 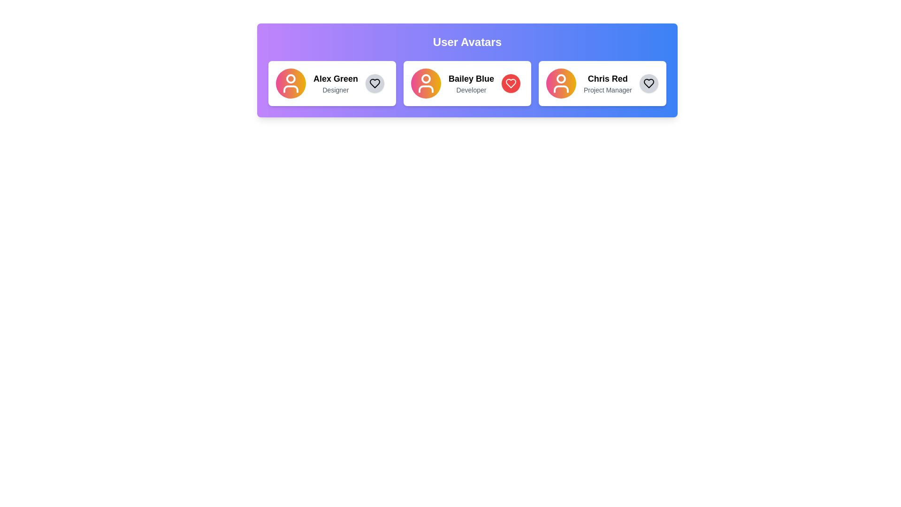 What do you see at coordinates (290, 83) in the screenshot?
I see `the circular profile icon with a gradient background that features a white user figure, located within the user information card for 'Alex Green', the first card in a horizontal list` at bounding box center [290, 83].